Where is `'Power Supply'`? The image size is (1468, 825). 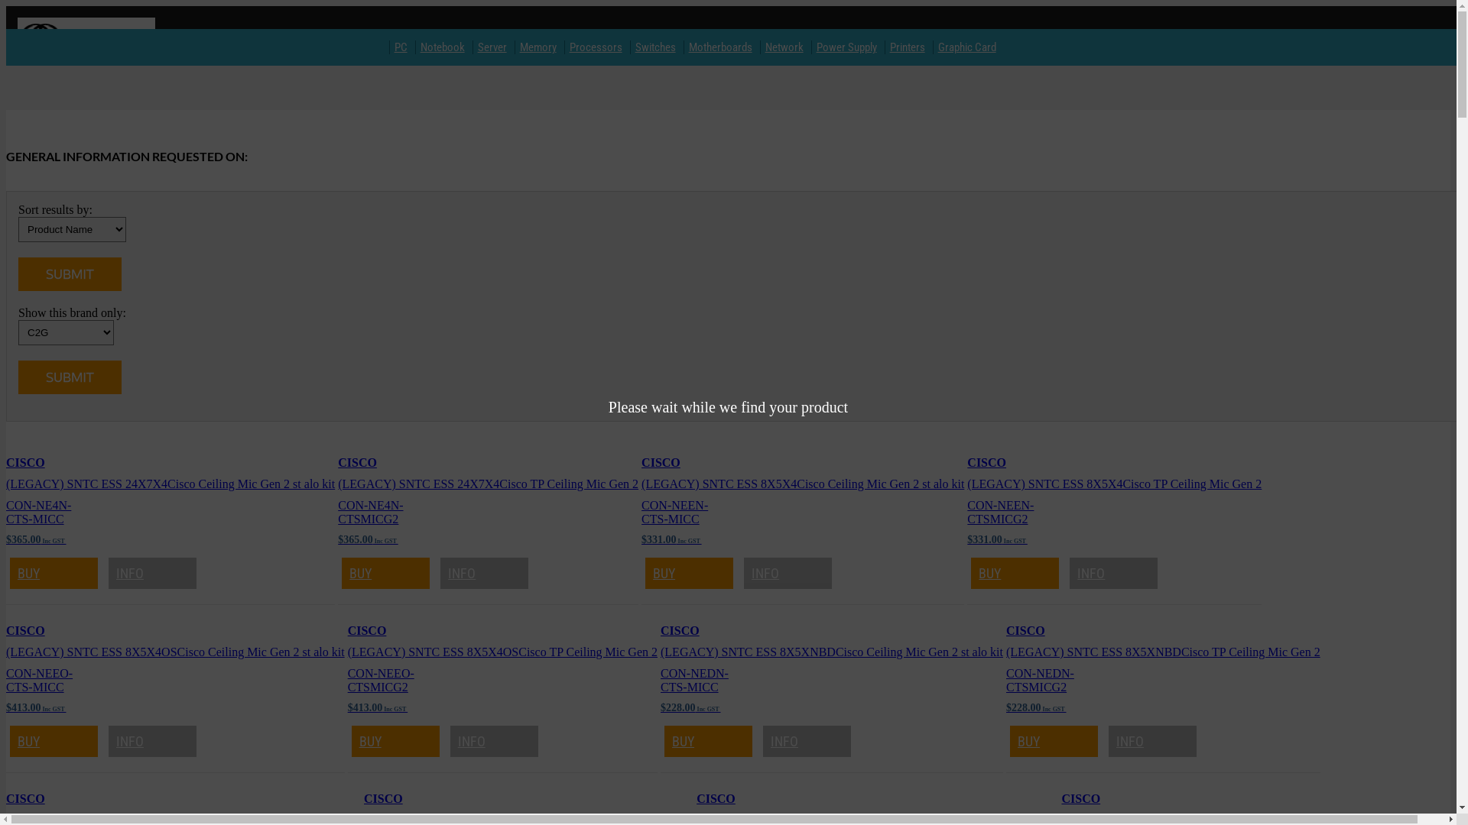
'Power Supply' is located at coordinates (810, 46).